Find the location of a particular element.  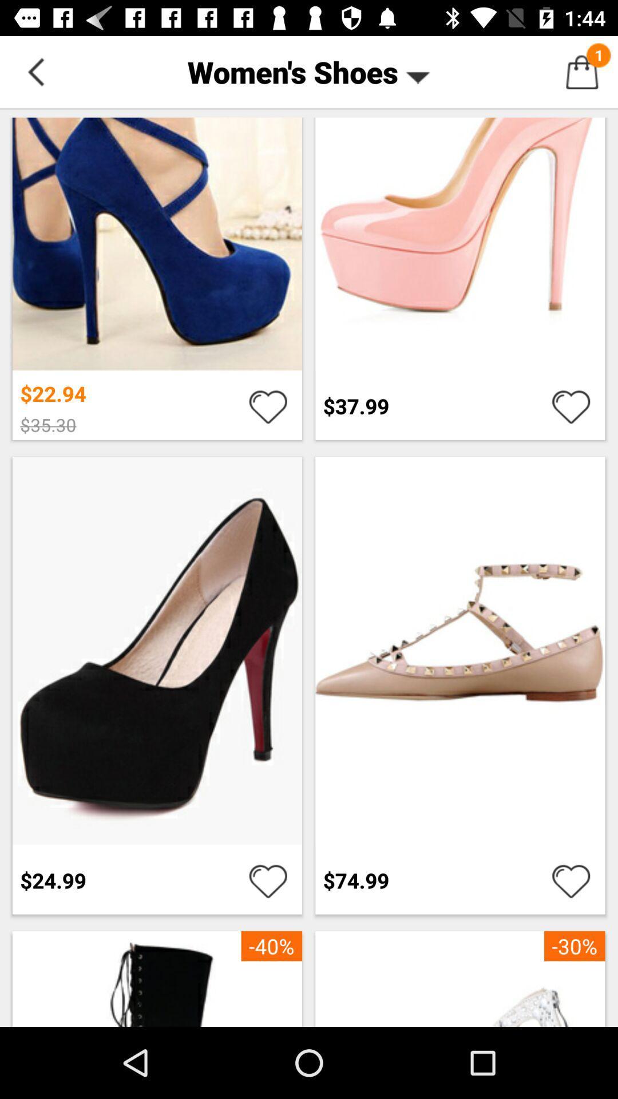

favourite product is located at coordinates (268, 880).